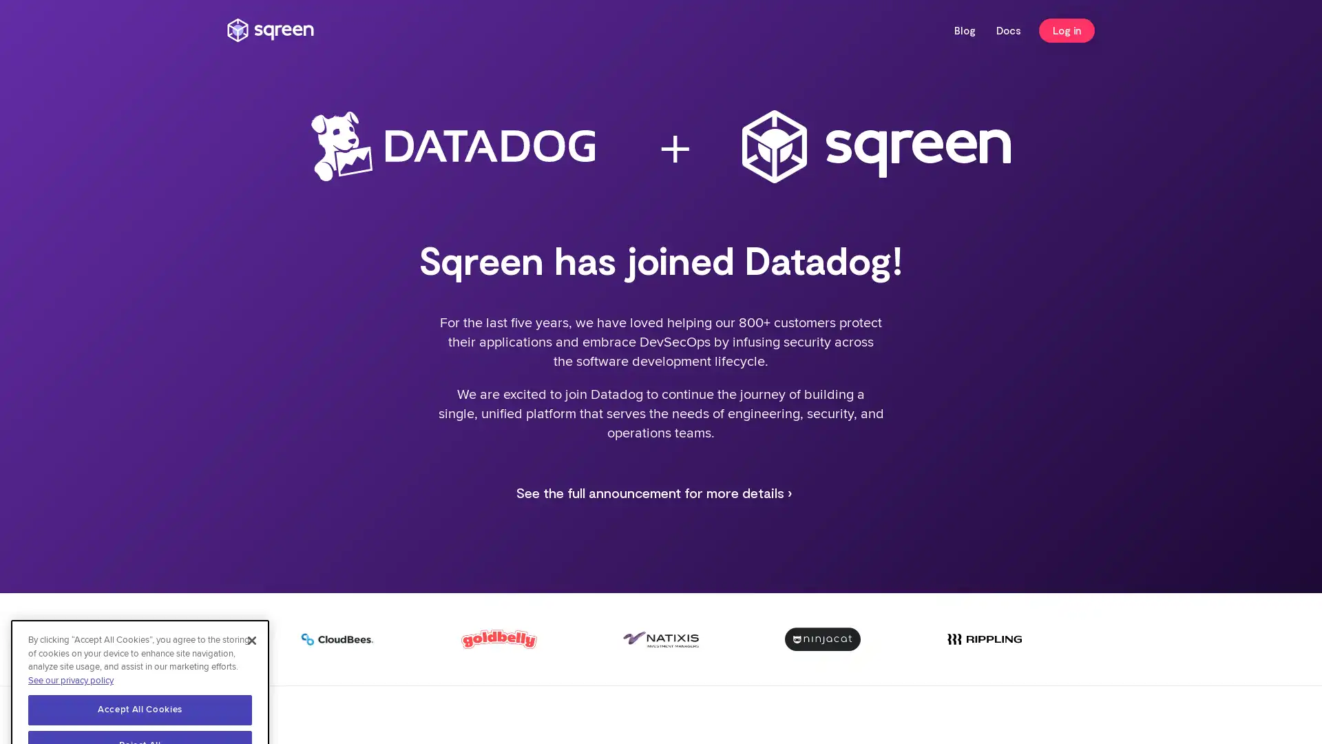  What do you see at coordinates (140, 655) in the screenshot?
I see `Accept All Cookies` at bounding box center [140, 655].